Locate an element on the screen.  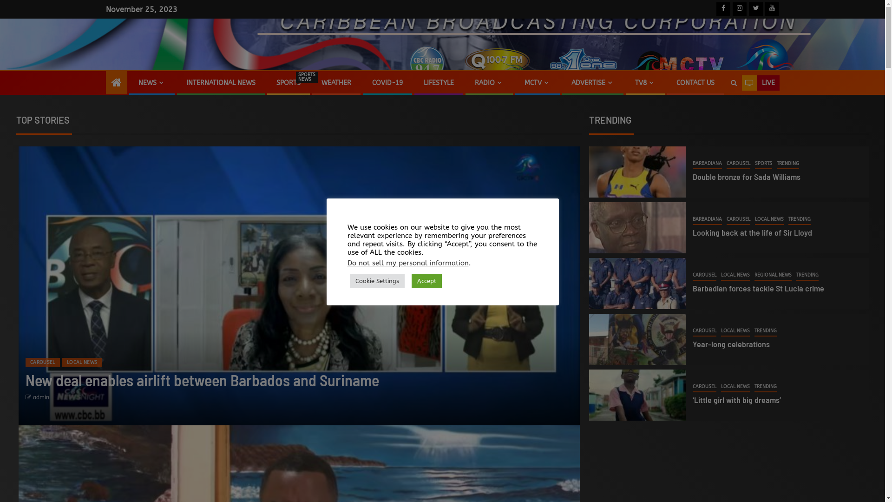
'LIFESTYLE' is located at coordinates (438, 82).